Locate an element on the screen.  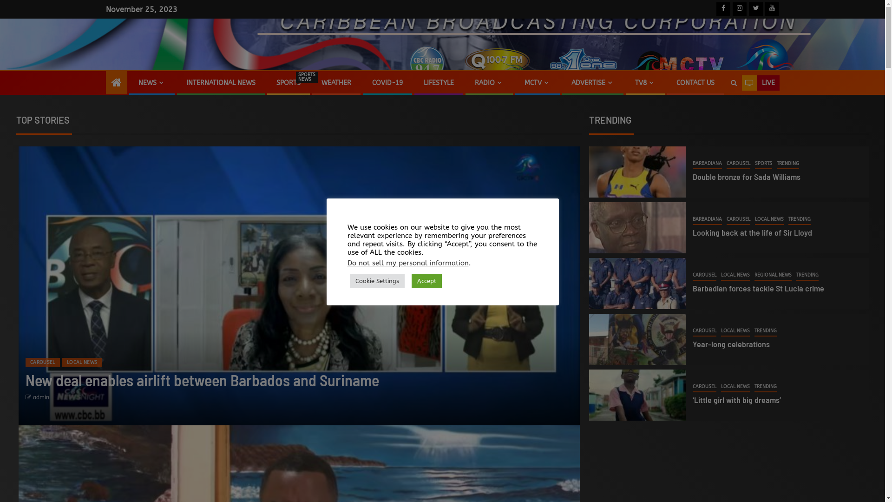
'LIFESTYLE' is located at coordinates (438, 82).